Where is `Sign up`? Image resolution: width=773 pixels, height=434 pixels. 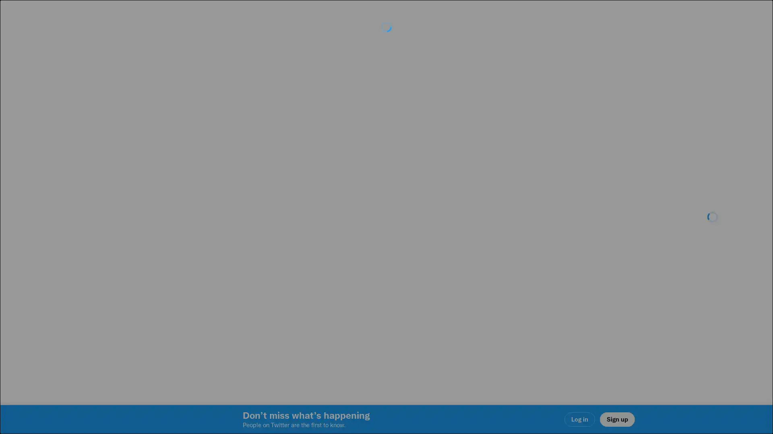 Sign up is located at coordinates (291, 274).